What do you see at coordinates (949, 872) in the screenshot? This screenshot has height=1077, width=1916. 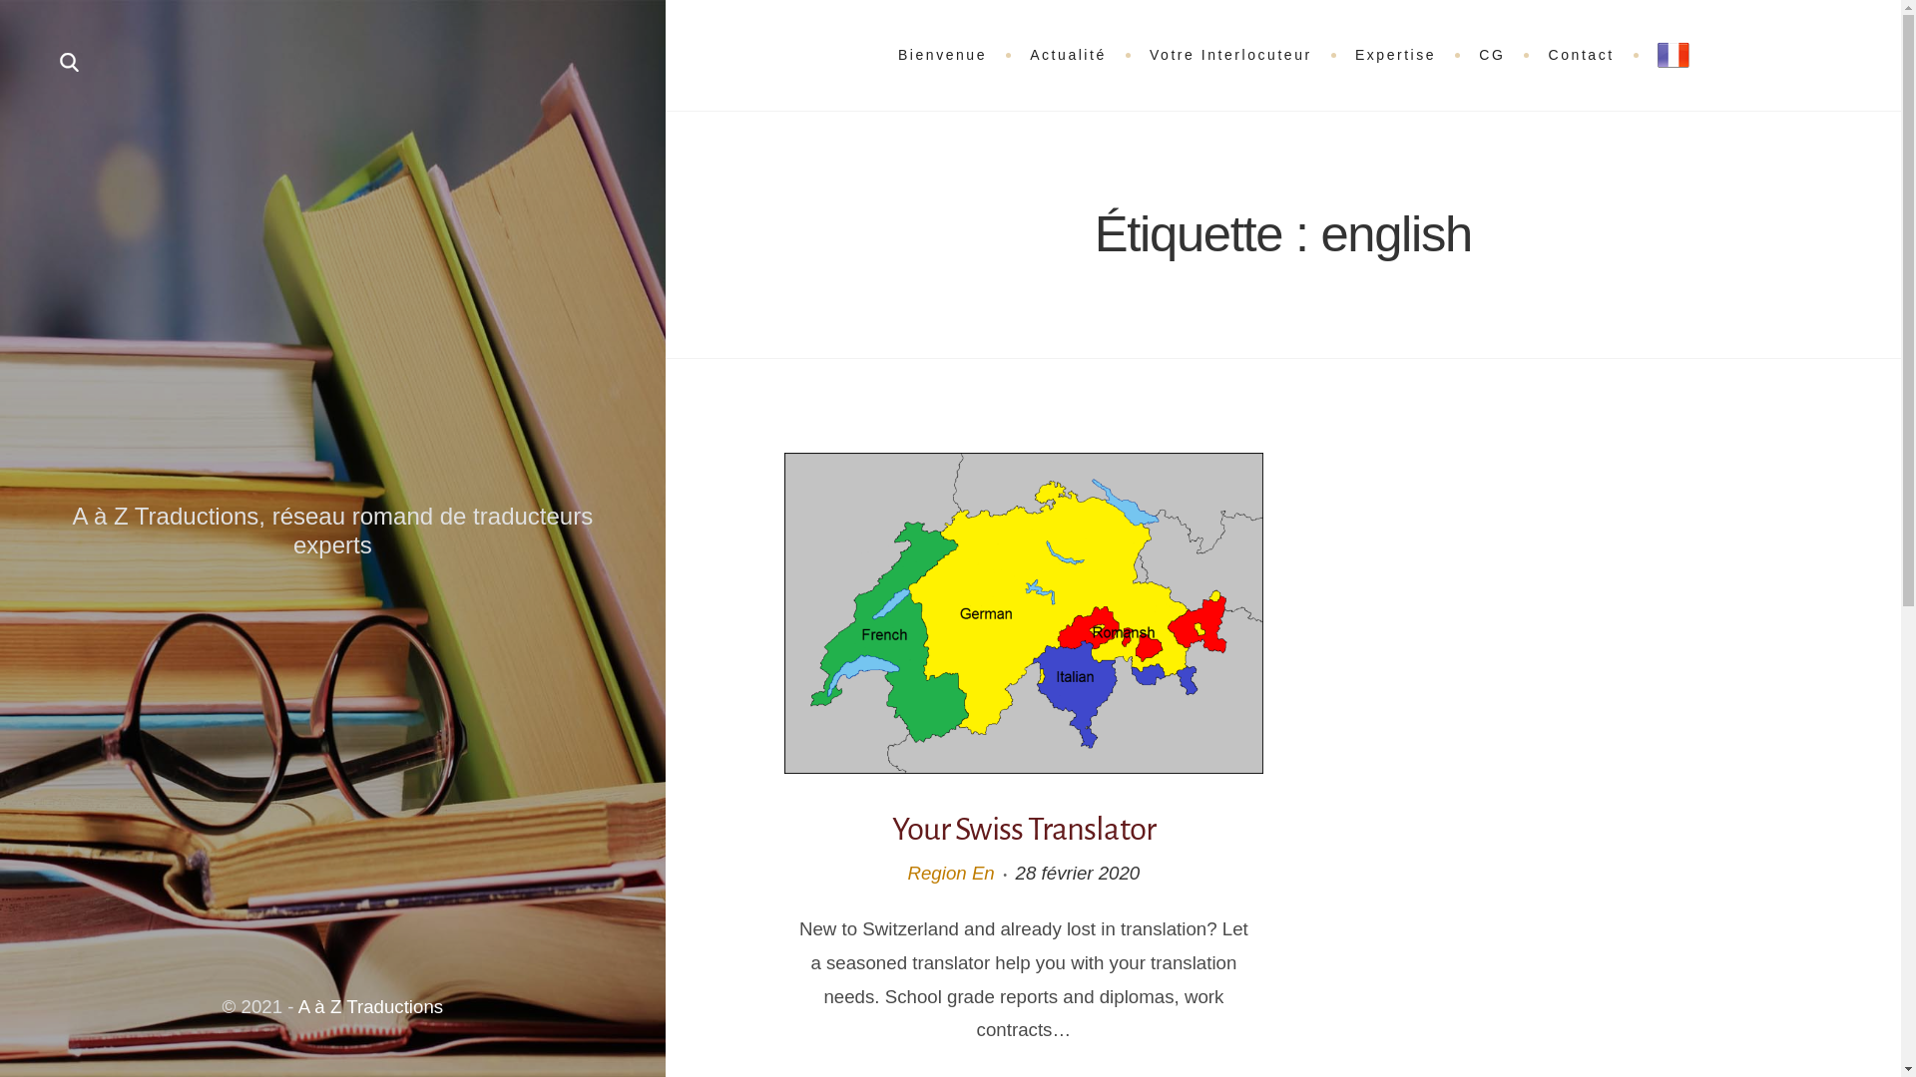 I see `'Region En'` at bounding box center [949, 872].